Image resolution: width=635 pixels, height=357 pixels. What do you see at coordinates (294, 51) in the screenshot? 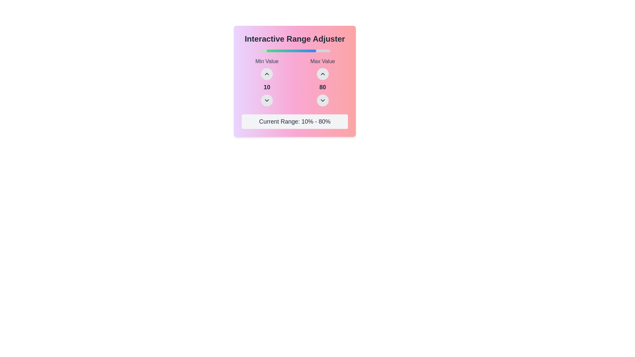
I see `the displayed range on the progress bar located centrally within the 'Interactive Range Adjuster' UI component, positioned directly below the title and above the 'Min Value' and 'Max Value' labels` at bounding box center [294, 51].